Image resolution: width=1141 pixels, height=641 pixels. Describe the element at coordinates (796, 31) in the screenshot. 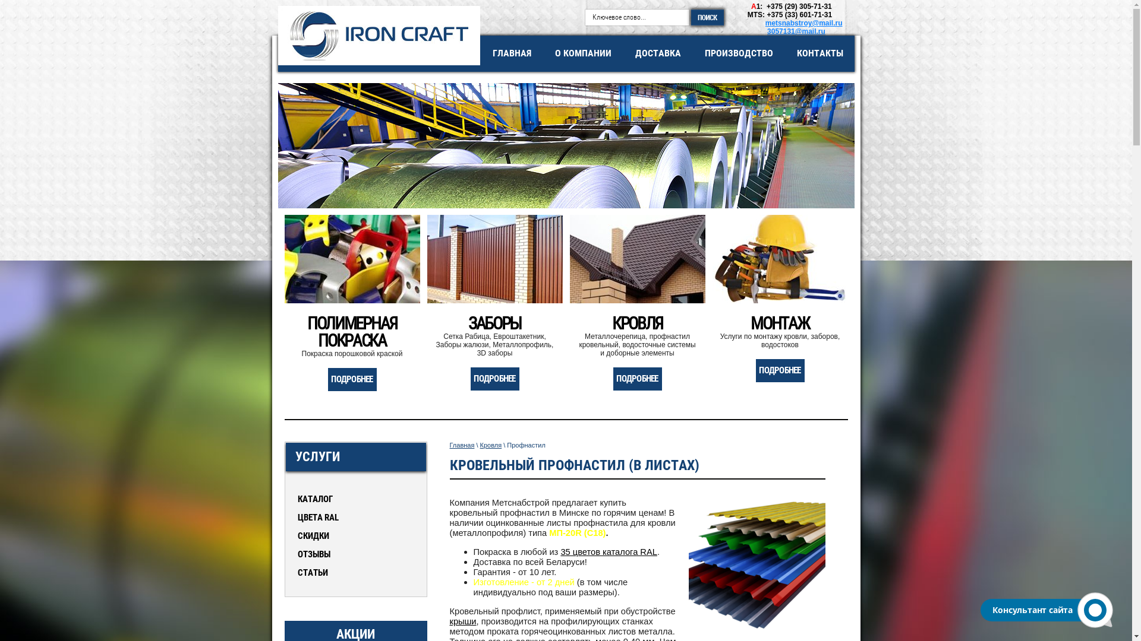

I see `'3057131@mail.ru'` at that location.